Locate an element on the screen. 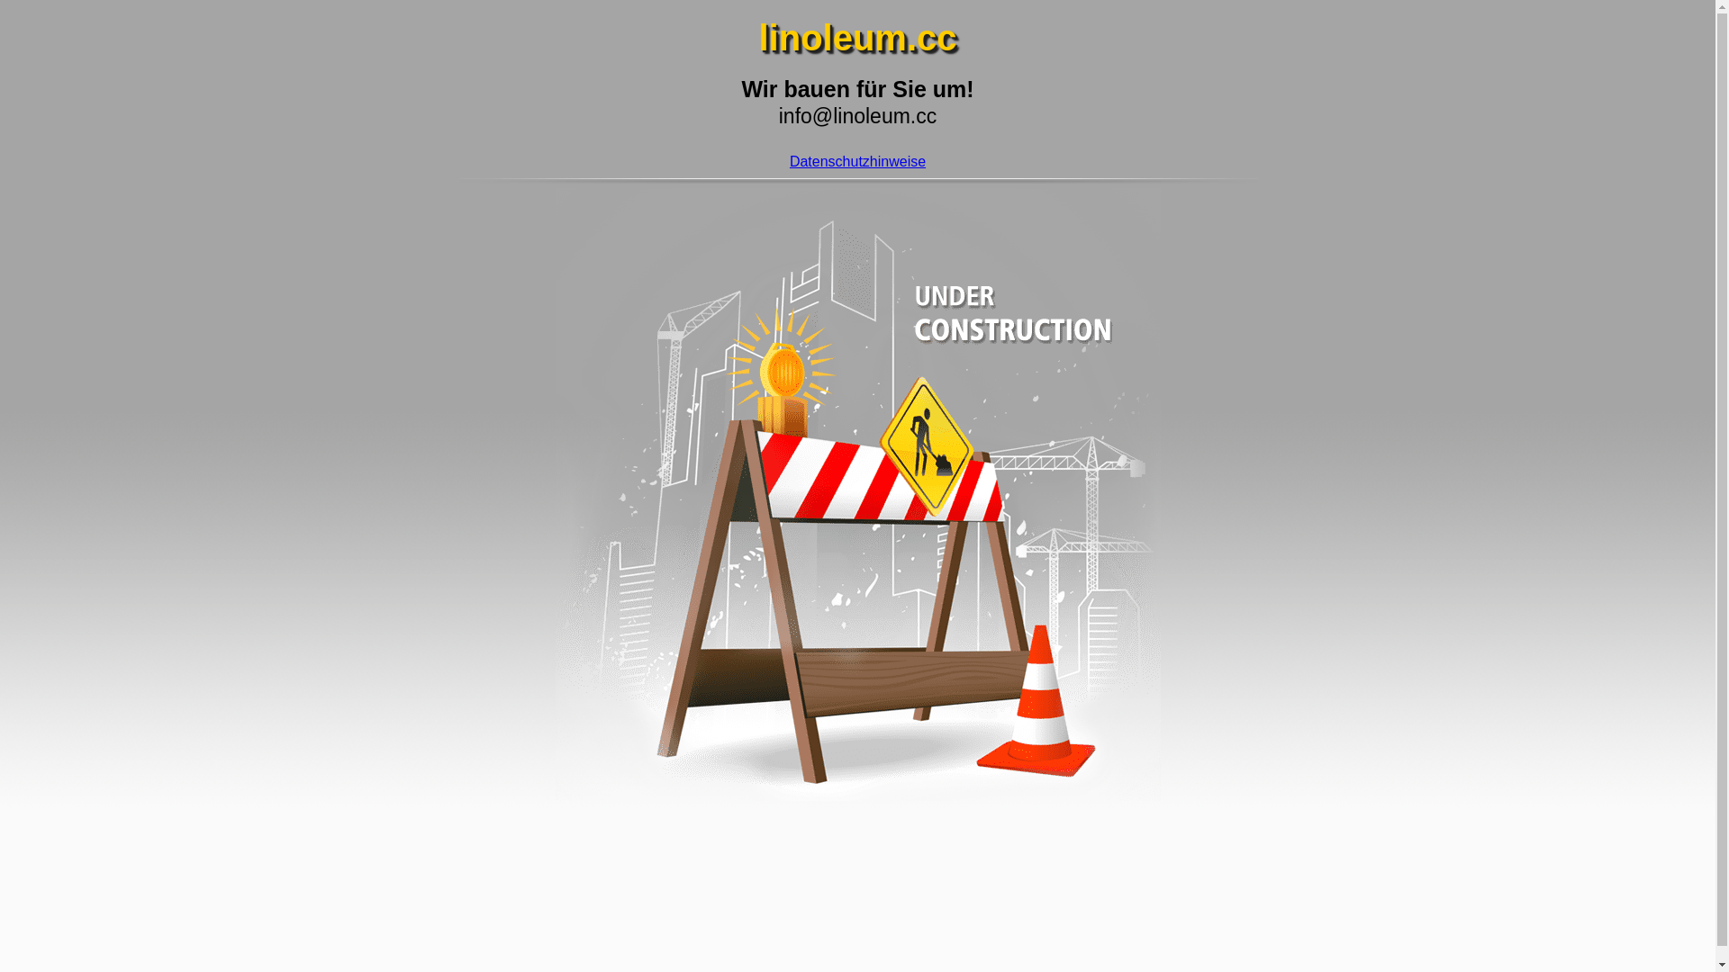 The width and height of the screenshot is (1729, 972). 'Datenschutzhinweise' is located at coordinates (856, 162).